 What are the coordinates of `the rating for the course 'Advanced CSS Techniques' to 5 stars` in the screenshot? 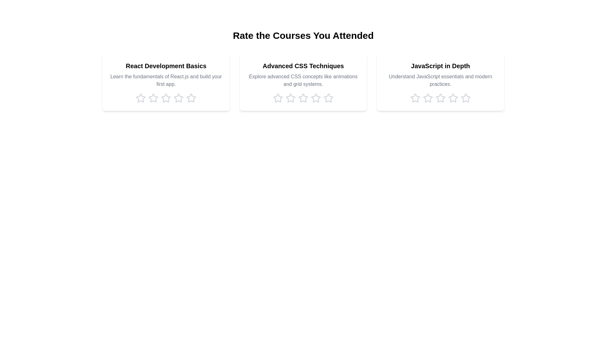 It's located at (328, 98).